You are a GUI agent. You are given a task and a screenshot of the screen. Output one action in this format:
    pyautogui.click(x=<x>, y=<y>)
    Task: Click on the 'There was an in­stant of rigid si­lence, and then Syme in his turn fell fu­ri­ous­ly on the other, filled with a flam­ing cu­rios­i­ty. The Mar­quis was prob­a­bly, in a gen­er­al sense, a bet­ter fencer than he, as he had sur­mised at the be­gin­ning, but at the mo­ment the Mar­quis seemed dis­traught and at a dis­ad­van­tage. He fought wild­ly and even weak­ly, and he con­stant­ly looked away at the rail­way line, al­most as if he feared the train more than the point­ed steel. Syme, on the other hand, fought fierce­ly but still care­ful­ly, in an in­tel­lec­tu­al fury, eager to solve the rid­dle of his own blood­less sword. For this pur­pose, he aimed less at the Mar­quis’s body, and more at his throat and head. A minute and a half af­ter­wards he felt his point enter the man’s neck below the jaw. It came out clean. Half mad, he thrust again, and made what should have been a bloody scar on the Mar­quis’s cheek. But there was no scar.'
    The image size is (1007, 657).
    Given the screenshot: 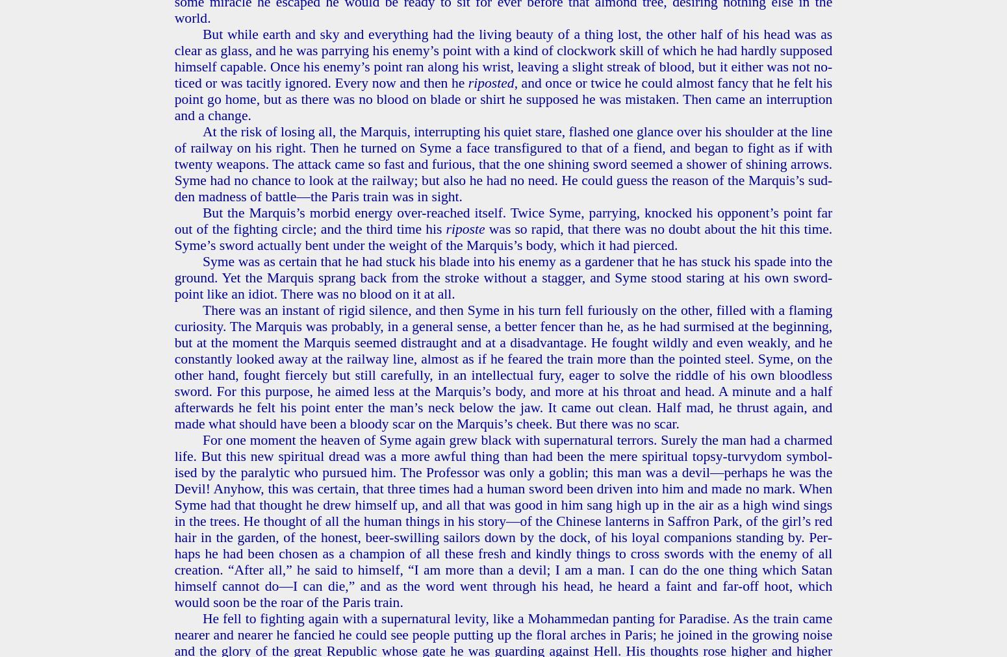 What is the action you would take?
    pyautogui.click(x=503, y=366)
    